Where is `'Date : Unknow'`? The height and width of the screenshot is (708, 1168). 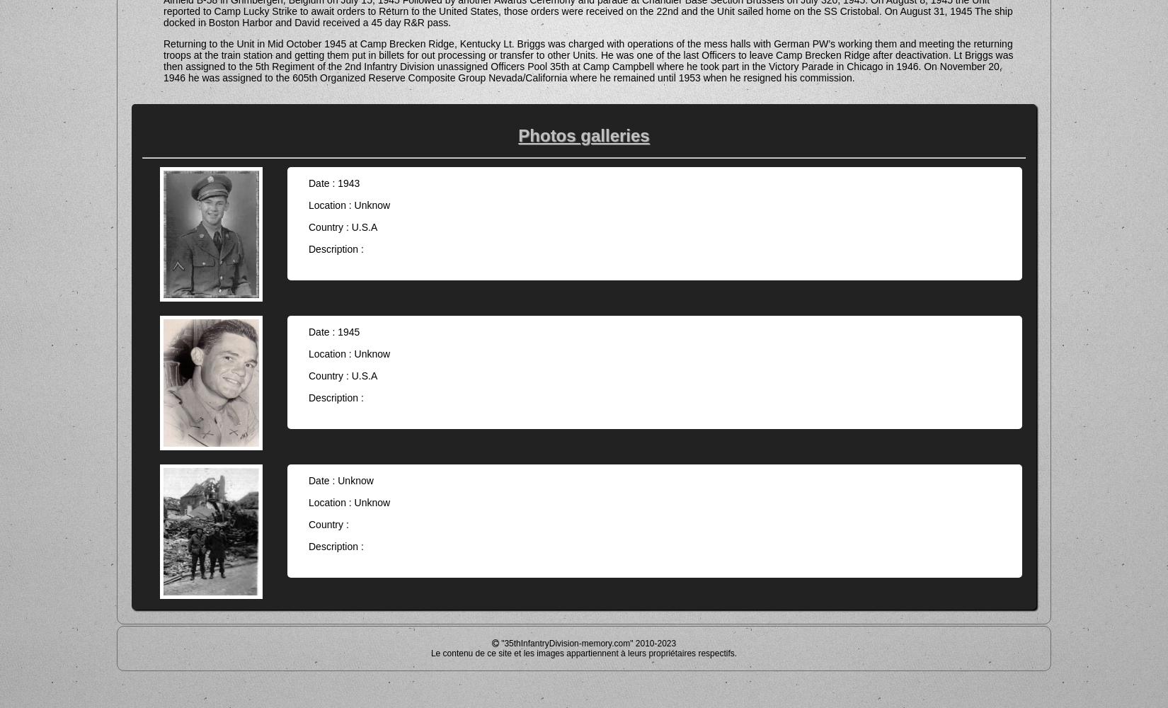 'Date : Unknow' is located at coordinates (340, 480).